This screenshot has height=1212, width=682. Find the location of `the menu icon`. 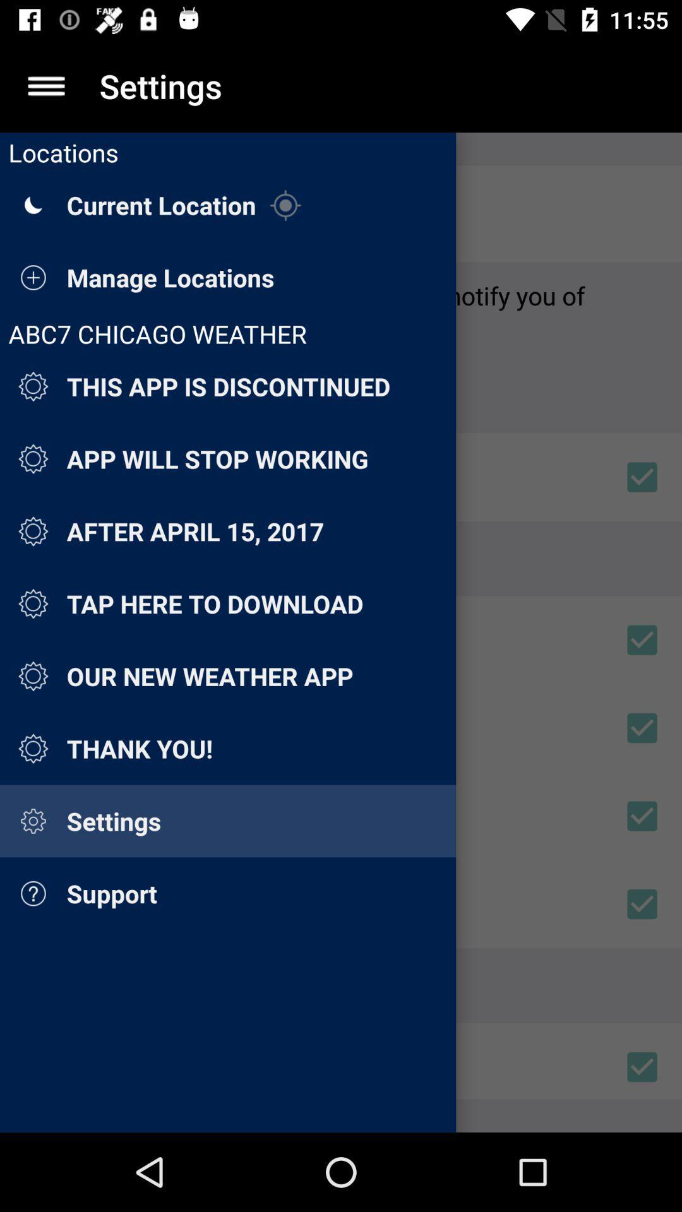

the menu icon is located at coordinates (45, 85).